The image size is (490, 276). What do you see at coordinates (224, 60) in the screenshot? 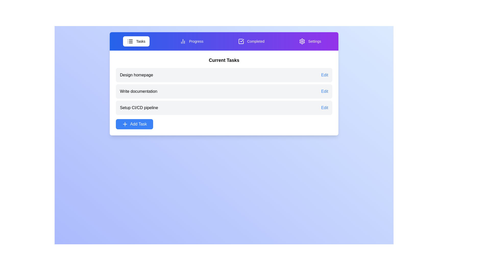
I see `text of the prominent text header labeled 'Current Tasks', which is bold and located at the top center of the panel` at bounding box center [224, 60].